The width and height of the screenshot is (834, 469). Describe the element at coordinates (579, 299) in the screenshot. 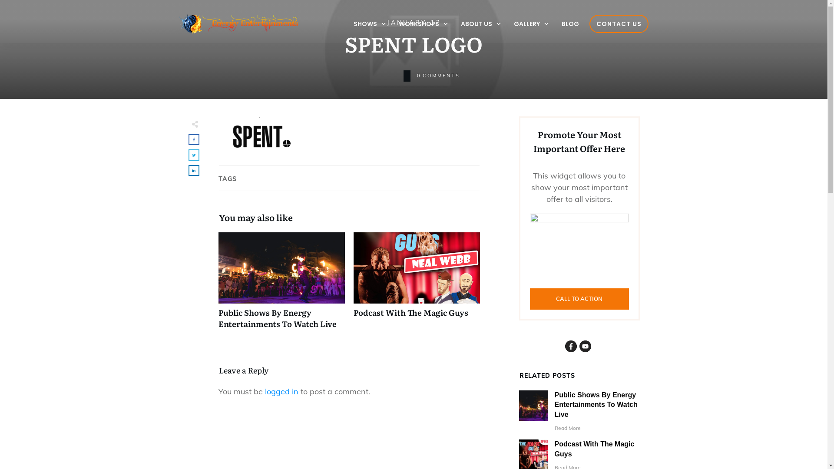

I see `'CALL TO ACTION'` at that location.